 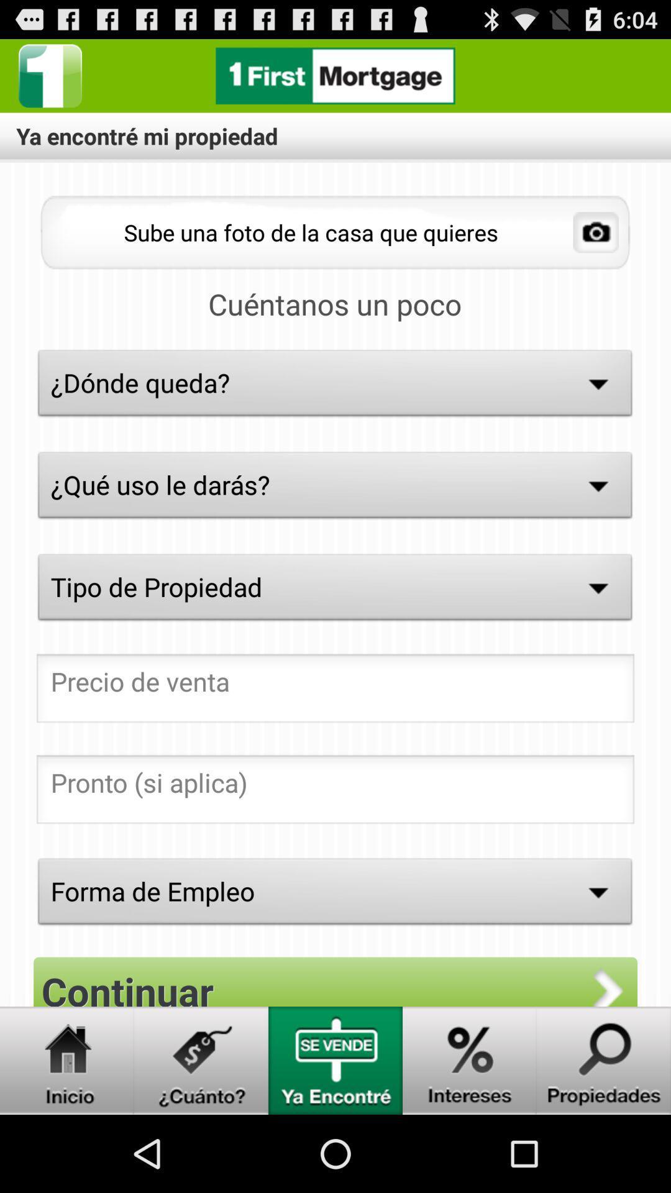 I want to click on the label icon, so click(x=201, y=1135).